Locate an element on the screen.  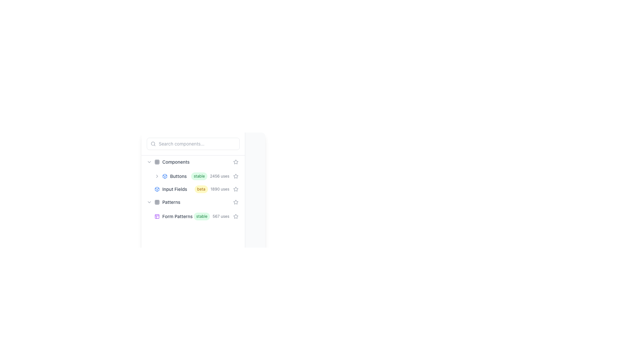
the small pill-shaped label with the text 'stable', which has a light green background and is located to the right of 'Form Patterns' is located at coordinates (202, 216).